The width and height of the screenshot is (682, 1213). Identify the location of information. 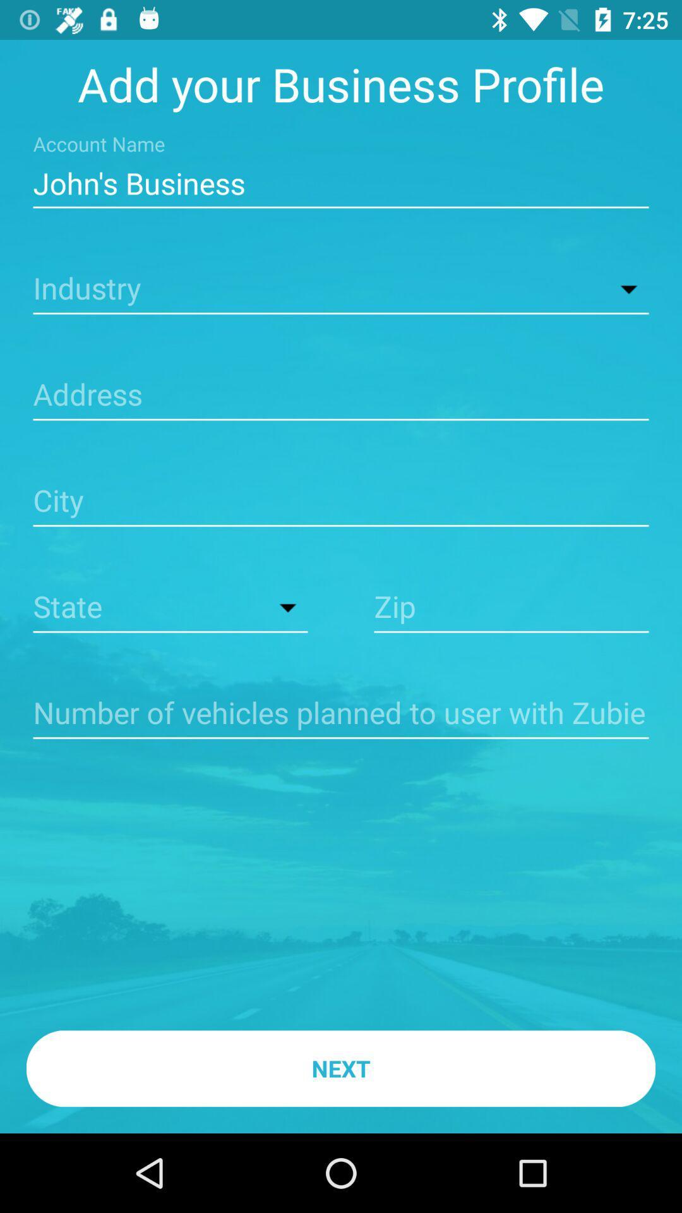
(341, 715).